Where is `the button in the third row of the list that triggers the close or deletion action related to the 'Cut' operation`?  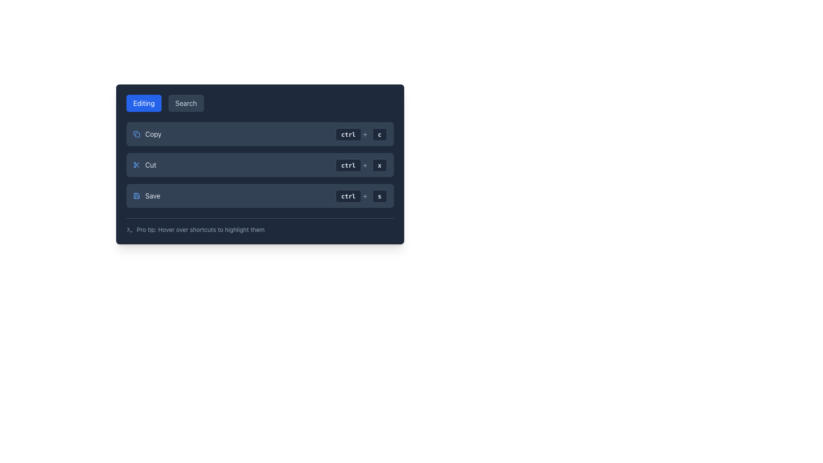
the button in the third row of the list that triggers the close or deletion action related to the 'Cut' operation is located at coordinates (379, 165).